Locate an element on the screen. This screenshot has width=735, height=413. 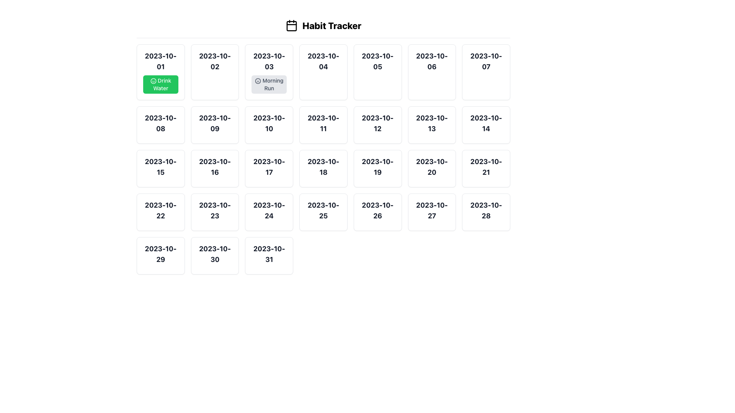
the bold static text displaying the date '2023-10-20' which is is located at coordinates (432, 166).